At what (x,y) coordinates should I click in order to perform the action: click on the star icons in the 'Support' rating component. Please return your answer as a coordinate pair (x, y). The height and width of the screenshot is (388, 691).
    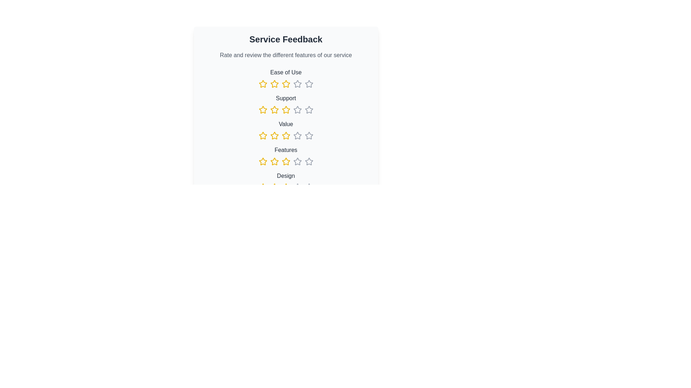
    Looking at the image, I should click on (285, 104).